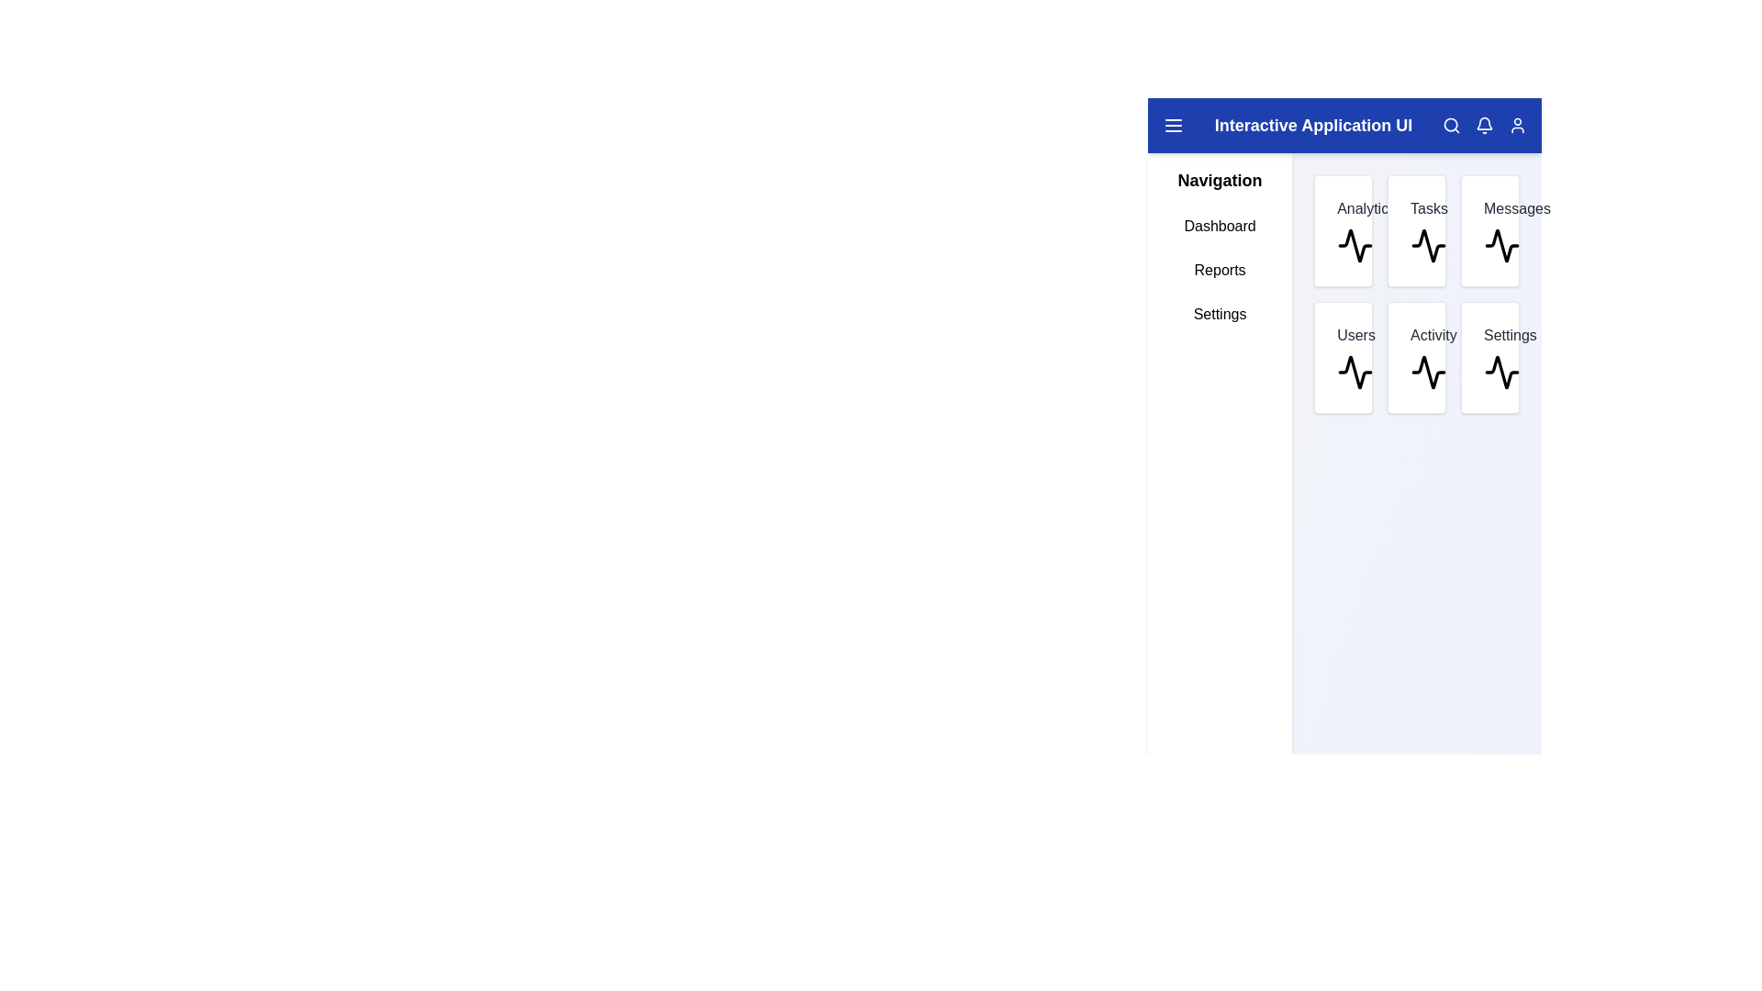 The width and height of the screenshot is (1762, 991). What do you see at coordinates (1172, 125) in the screenshot?
I see `menu button to toggle the sidebar visibility` at bounding box center [1172, 125].